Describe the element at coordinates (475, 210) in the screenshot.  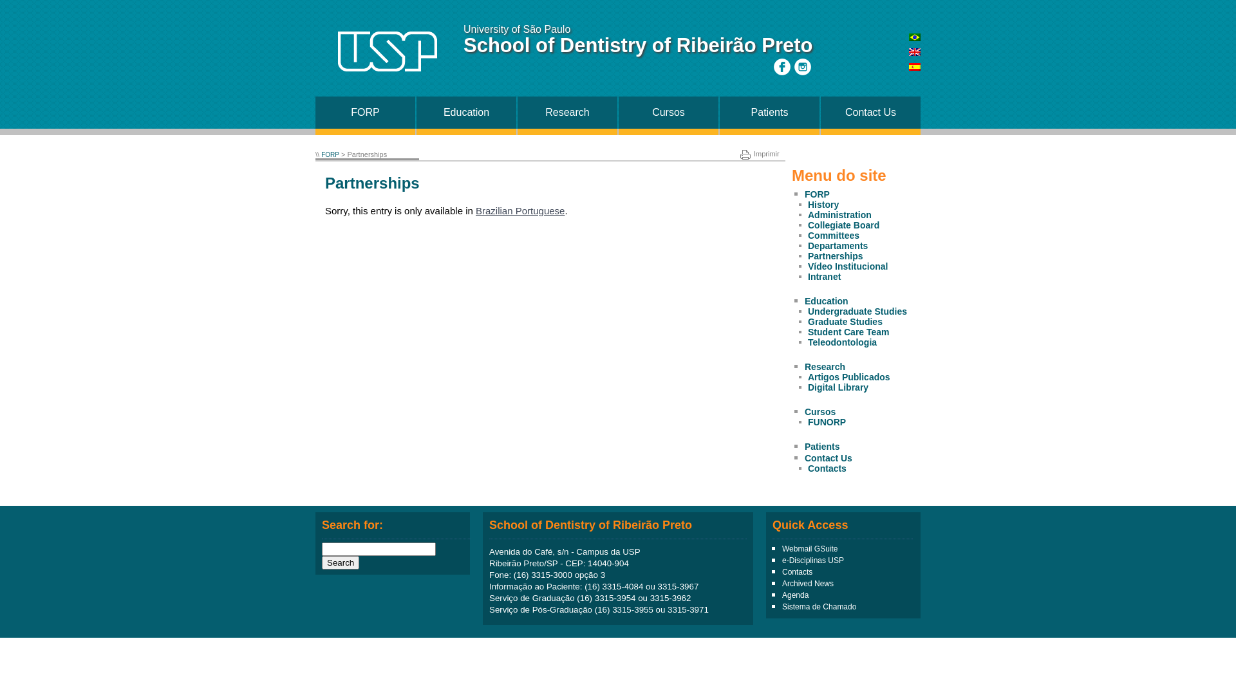
I see `'Brazilian Portuguese'` at that location.